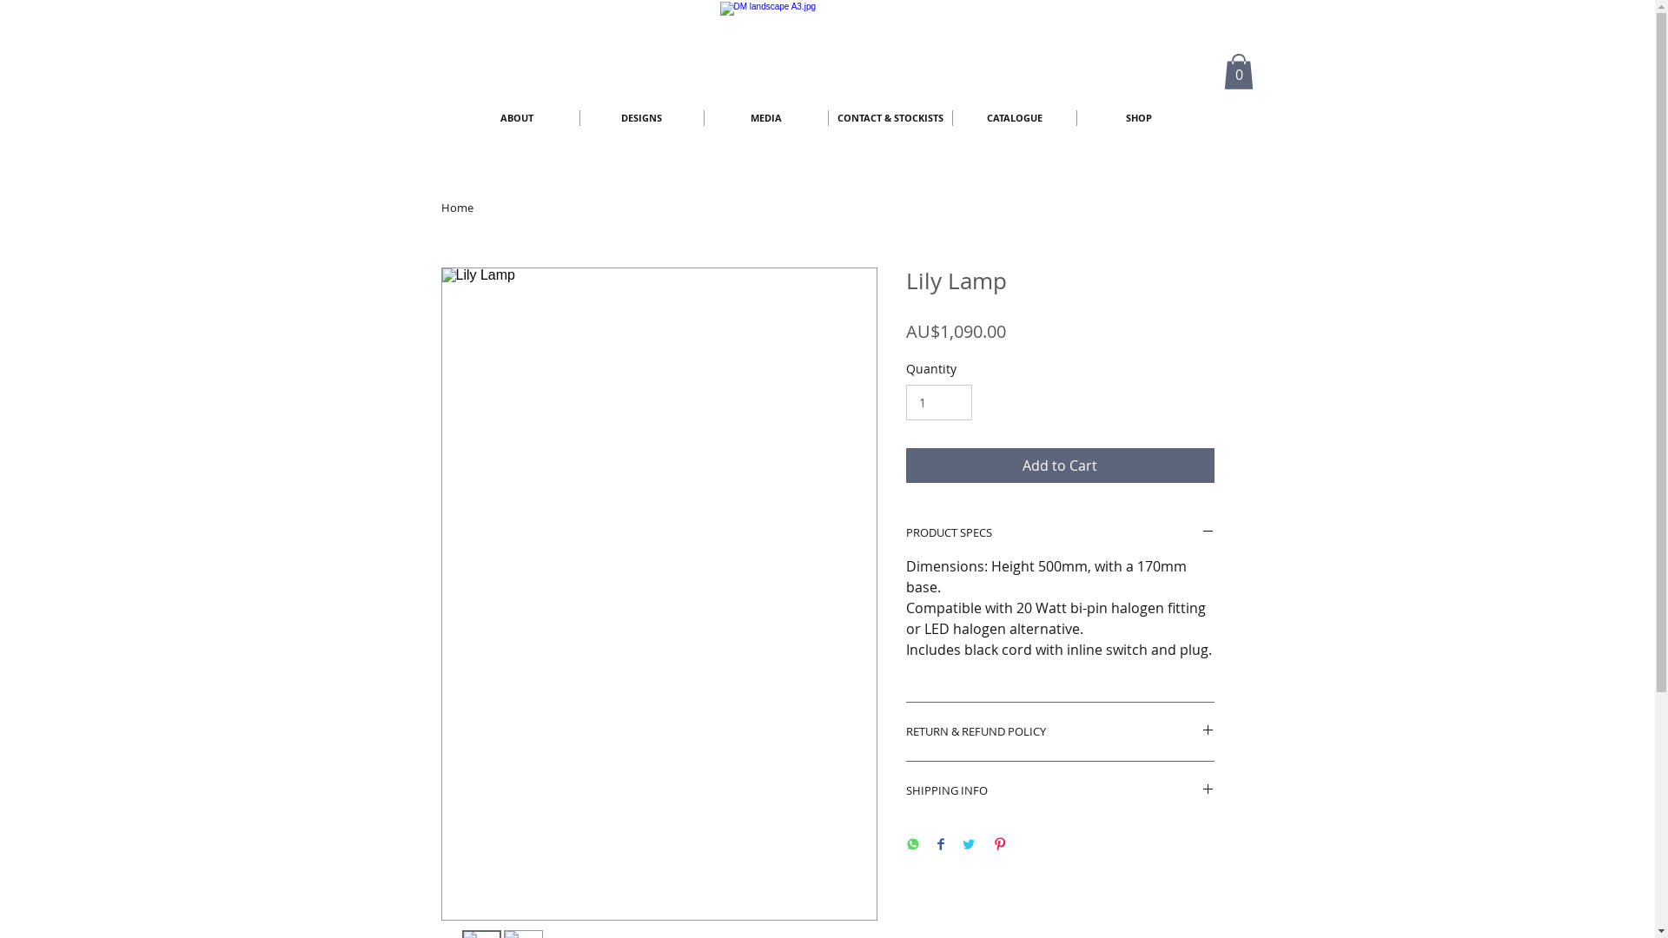 The height and width of the screenshot is (938, 1668). Describe the element at coordinates (950, 117) in the screenshot. I see `'CATALOGUE'` at that location.